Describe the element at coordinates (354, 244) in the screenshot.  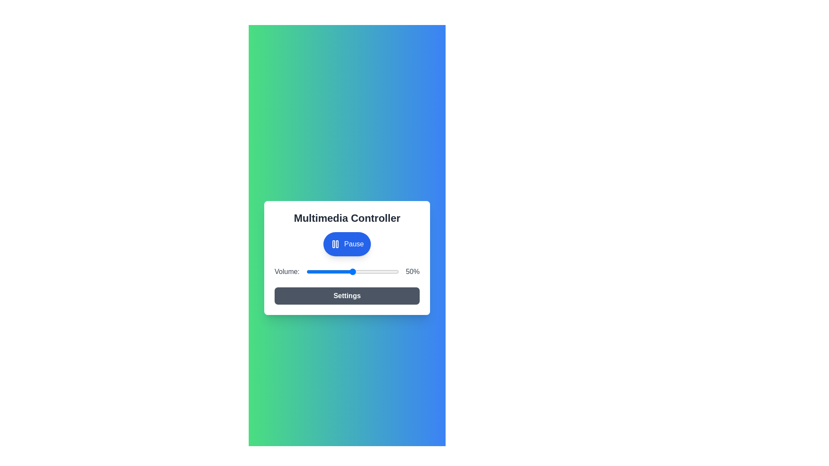
I see `the 'pause' text label within the multimedia controller button` at that location.